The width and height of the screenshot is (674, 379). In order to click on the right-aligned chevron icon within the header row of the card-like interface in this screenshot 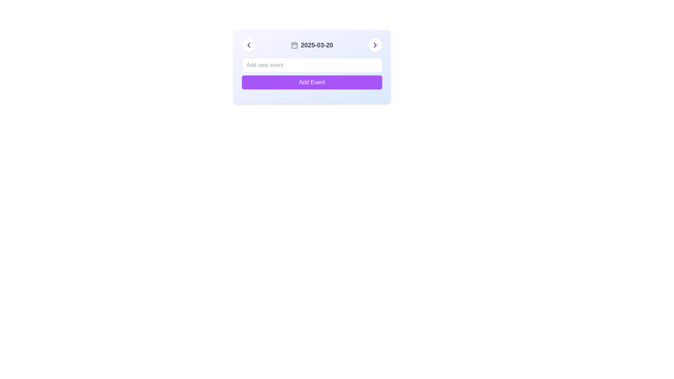, I will do `click(375, 45)`.